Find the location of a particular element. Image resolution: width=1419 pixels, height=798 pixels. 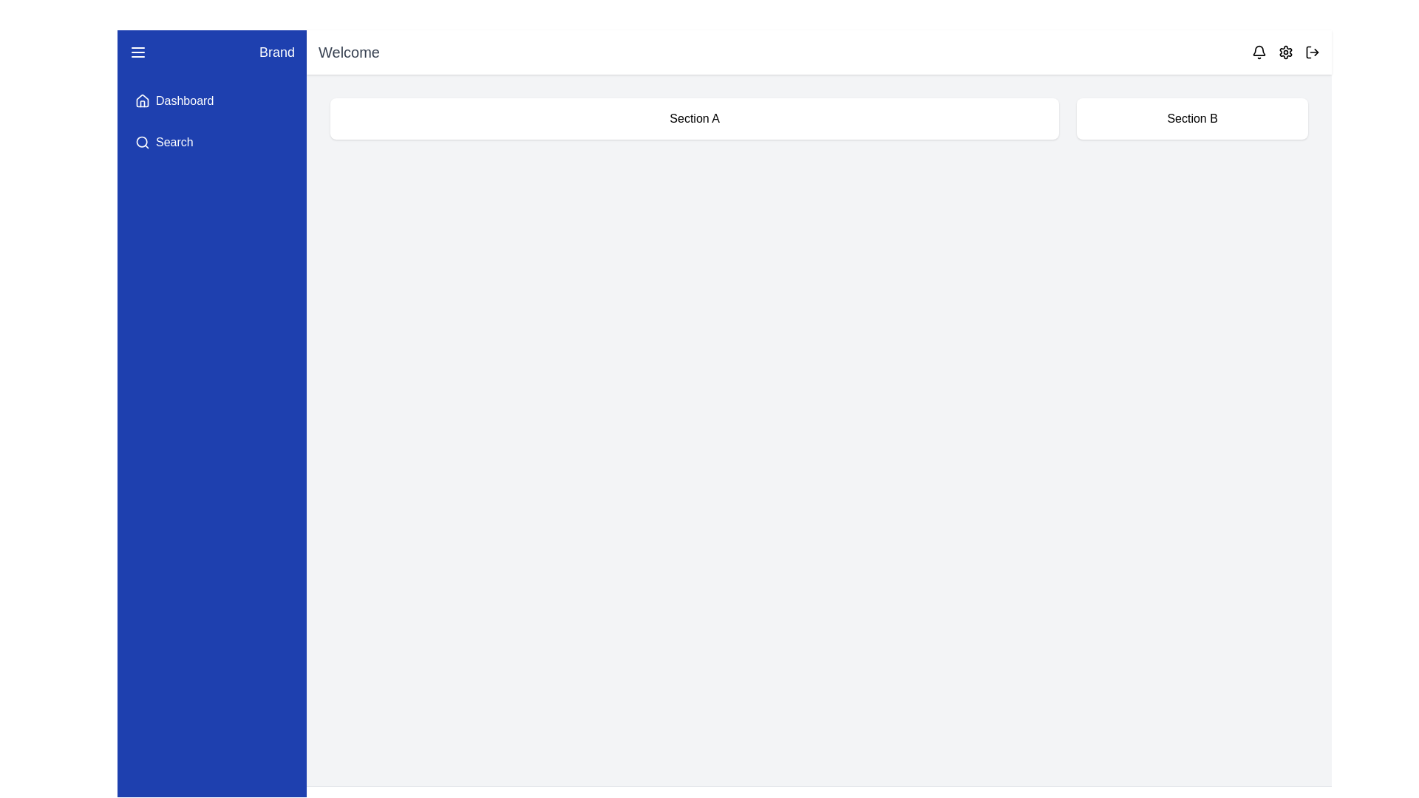

the logout icon button located in the upper right corner of the interface is located at coordinates (1313, 51).